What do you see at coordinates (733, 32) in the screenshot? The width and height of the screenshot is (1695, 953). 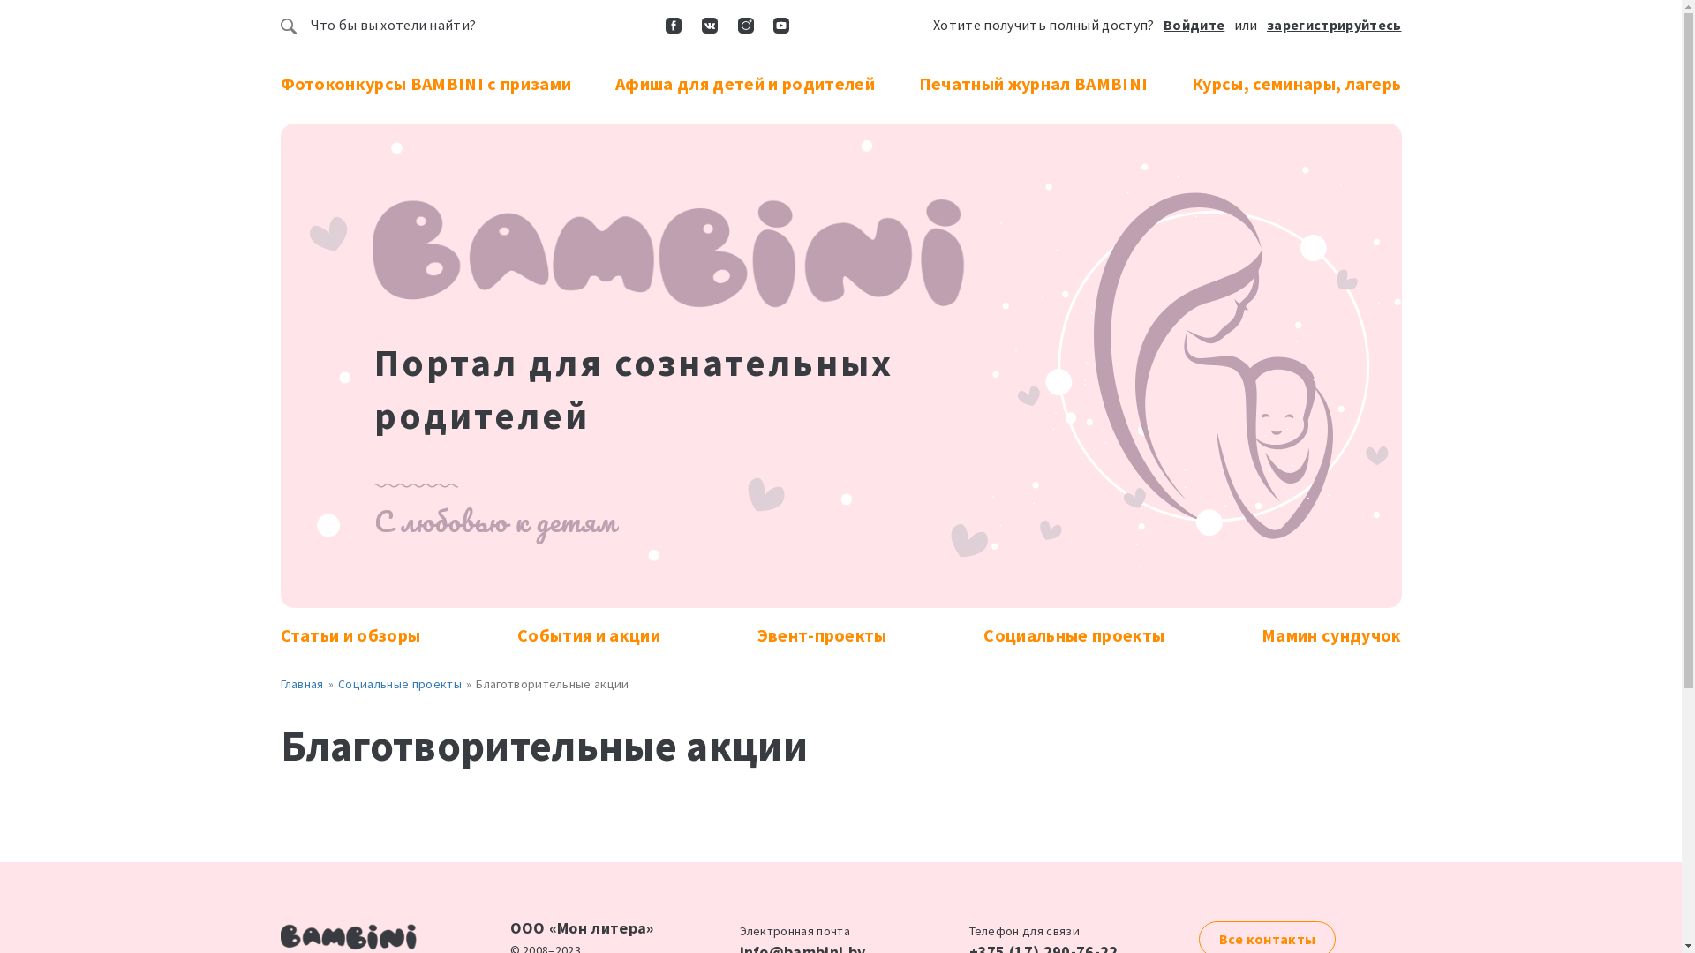 I see `'Instagram'` at bounding box center [733, 32].